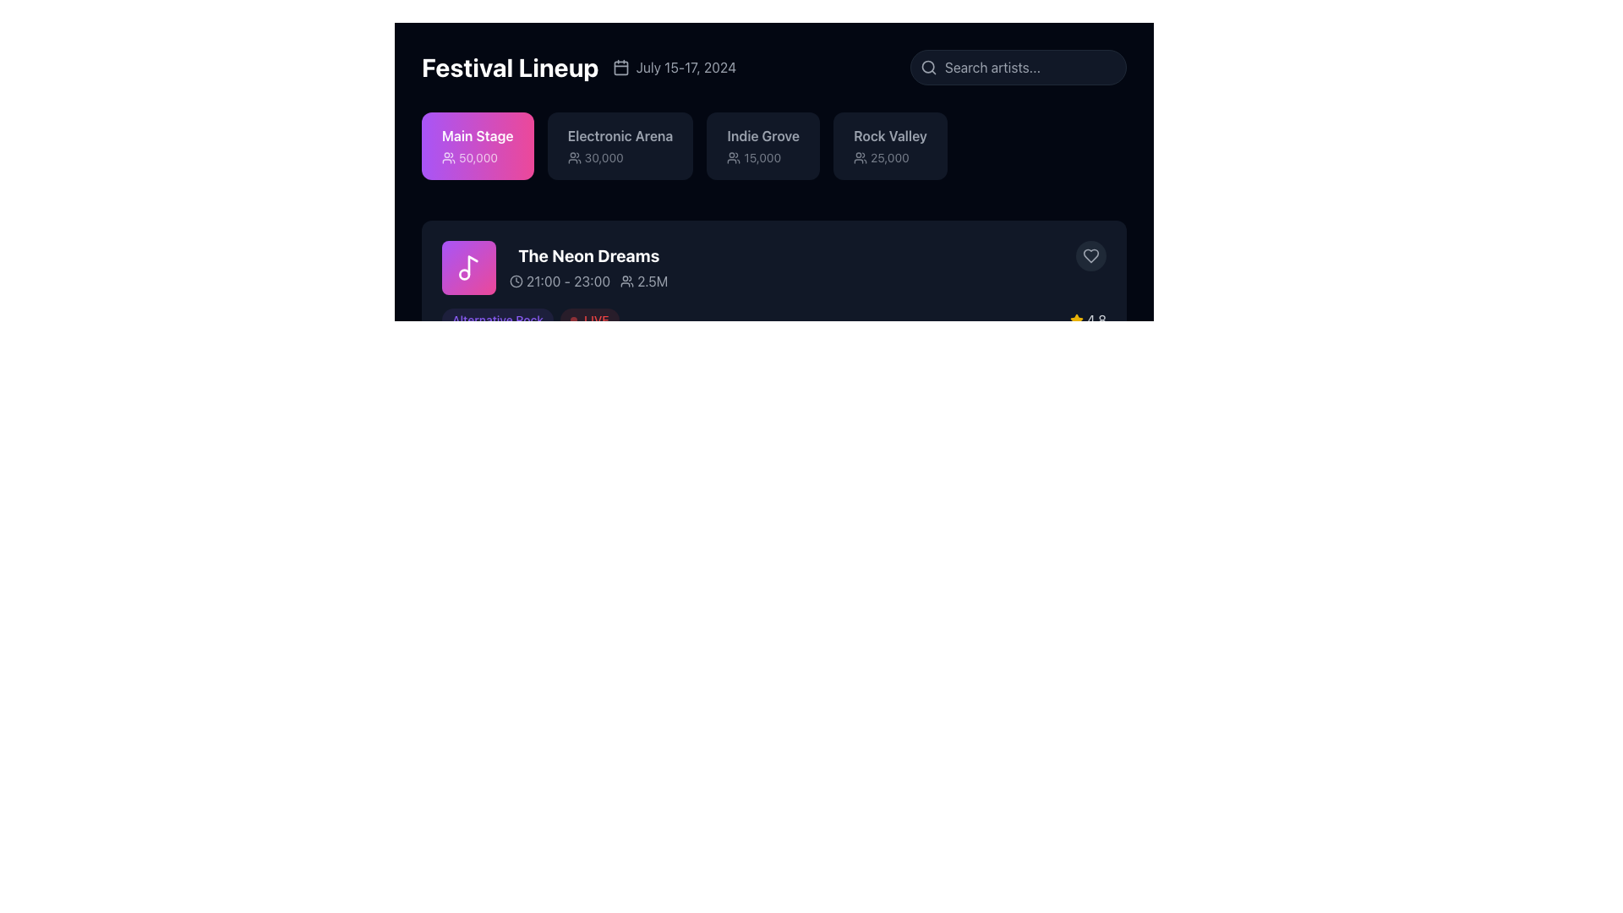  I want to click on the 'Indie Grove' informational label in the Festival Lineup section, which is the third box out of four, providing audience count information, so click(762, 145).